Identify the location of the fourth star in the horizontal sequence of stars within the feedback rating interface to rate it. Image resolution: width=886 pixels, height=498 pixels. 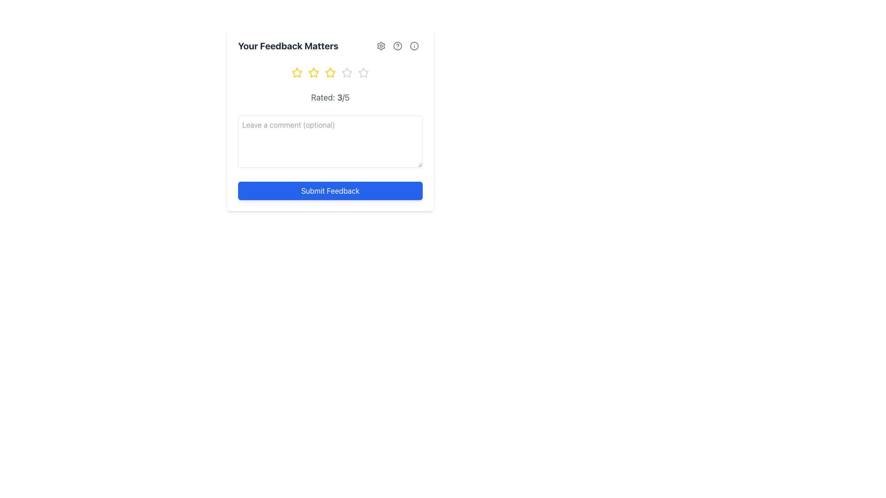
(347, 72).